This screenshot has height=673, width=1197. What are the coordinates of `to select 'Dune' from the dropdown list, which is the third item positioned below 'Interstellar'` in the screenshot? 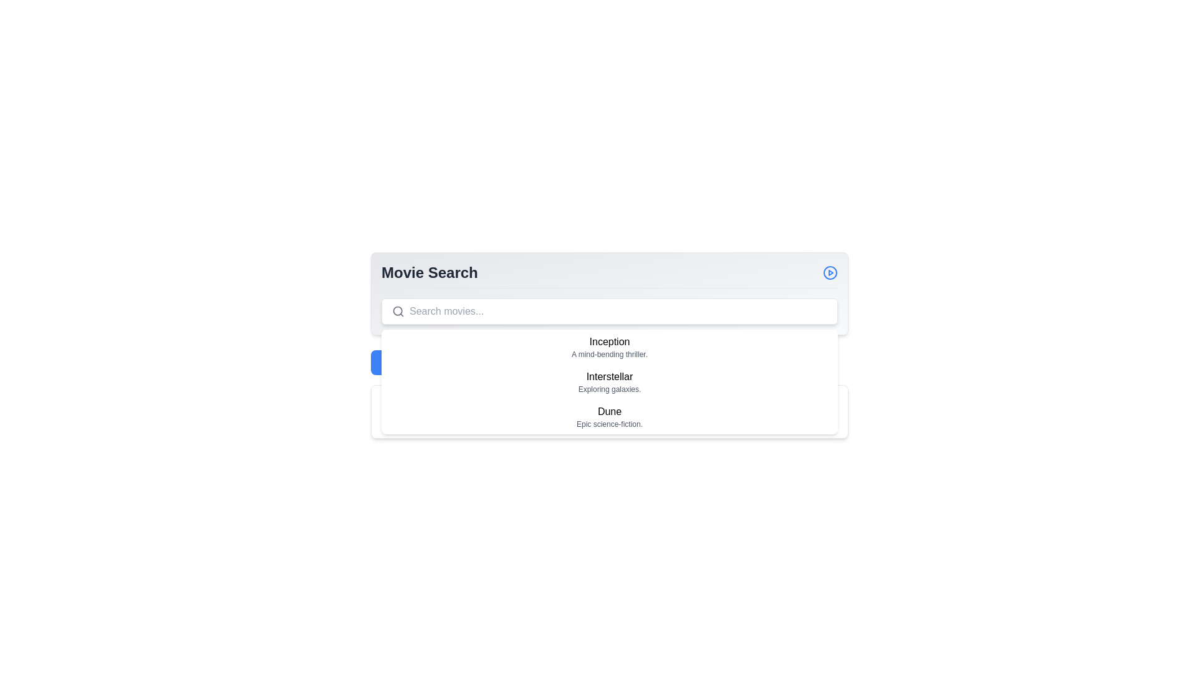 It's located at (610, 416).